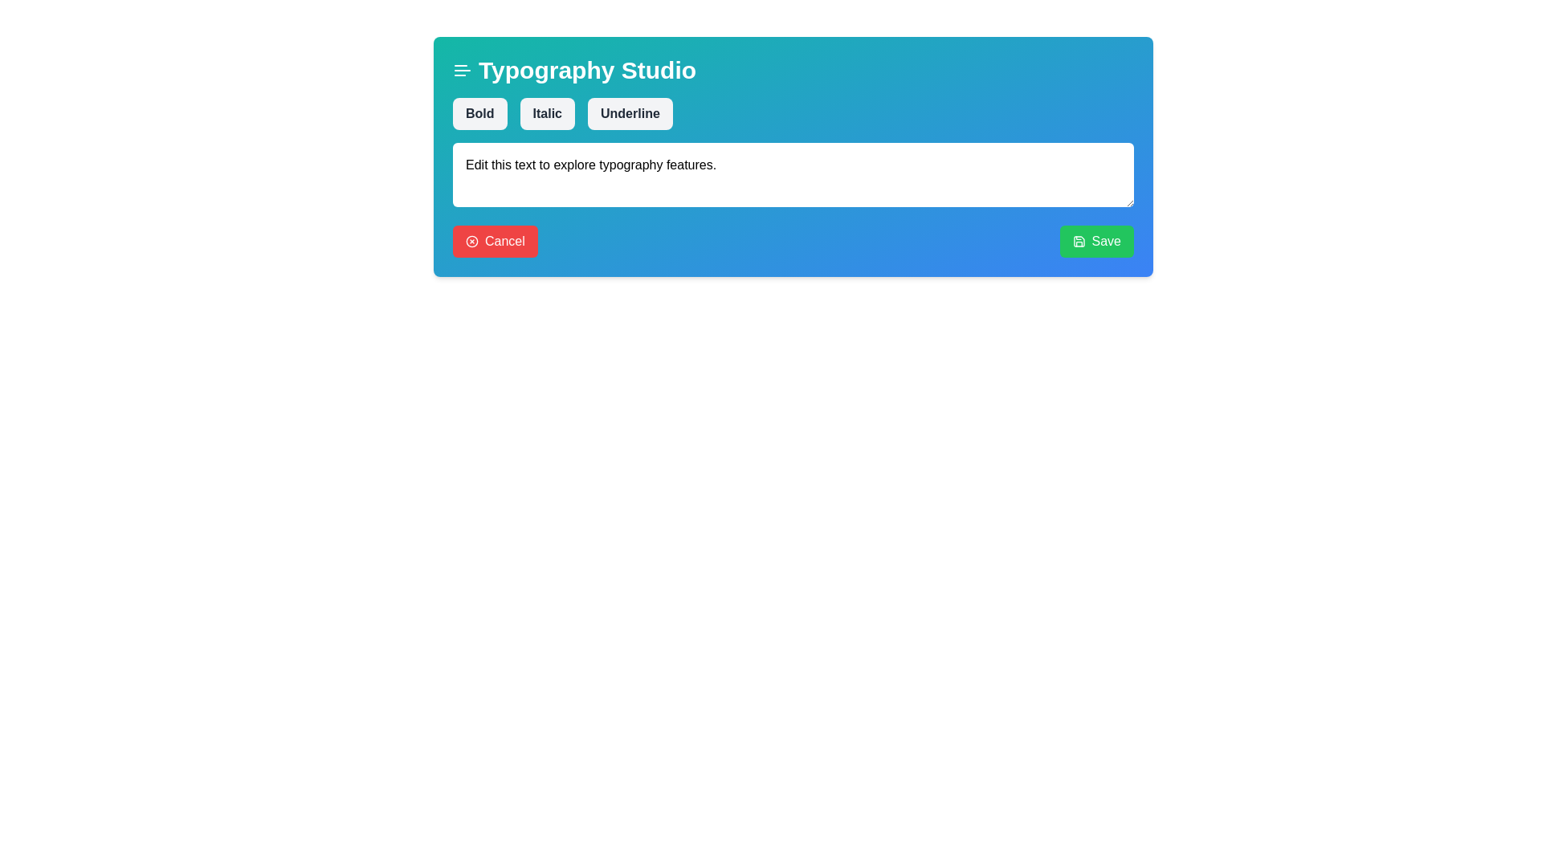  Describe the element at coordinates (1079, 241) in the screenshot. I see `the tiny floppy disk icon with a green background located to the left of the 'Save' label in the green button at the bottom-right corner of the layout` at that location.